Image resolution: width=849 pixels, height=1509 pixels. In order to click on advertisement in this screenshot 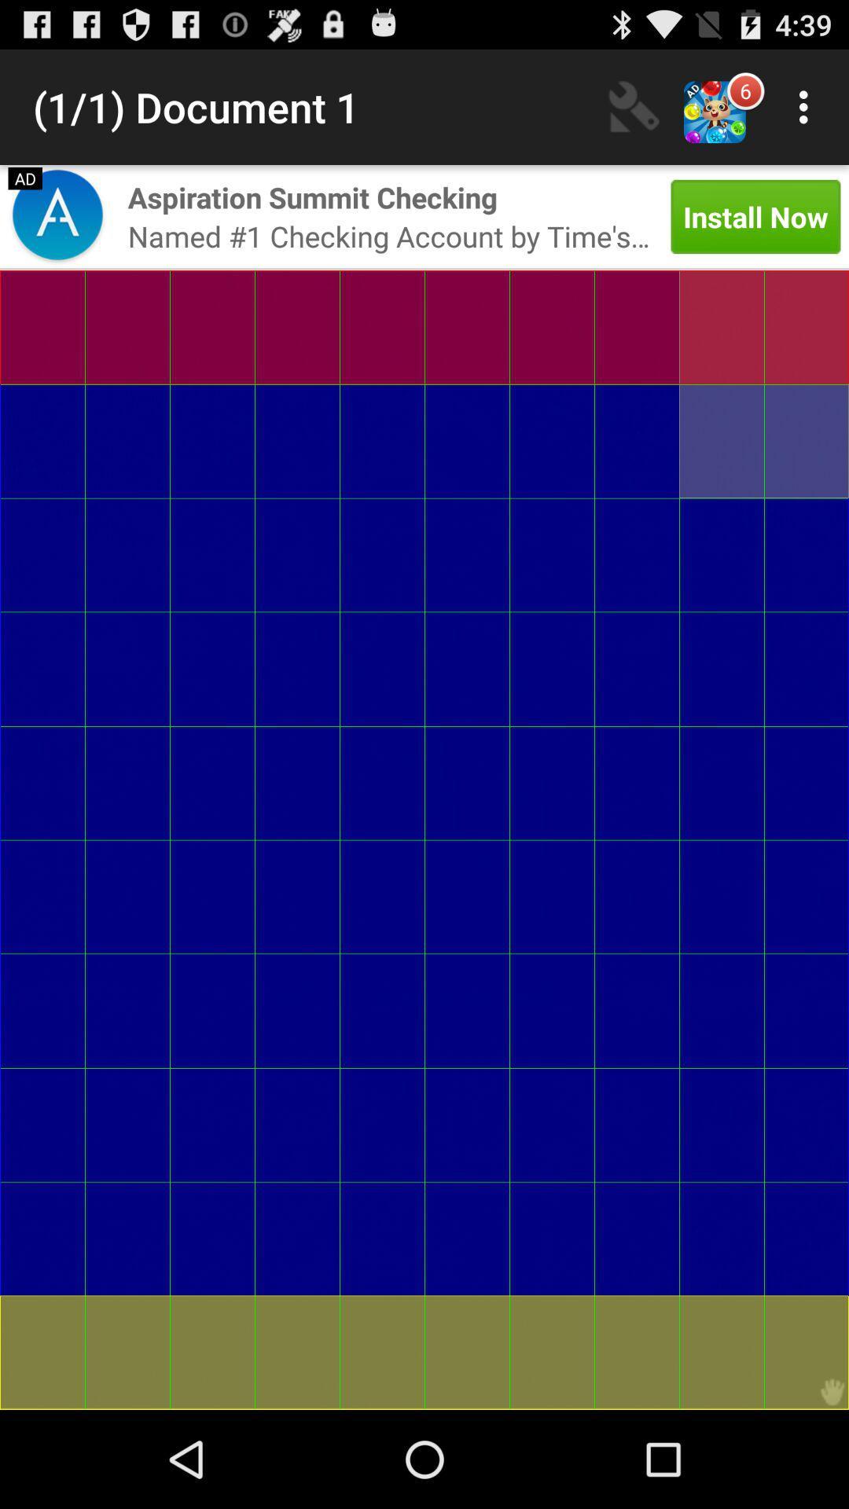, I will do `click(57, 215)`.